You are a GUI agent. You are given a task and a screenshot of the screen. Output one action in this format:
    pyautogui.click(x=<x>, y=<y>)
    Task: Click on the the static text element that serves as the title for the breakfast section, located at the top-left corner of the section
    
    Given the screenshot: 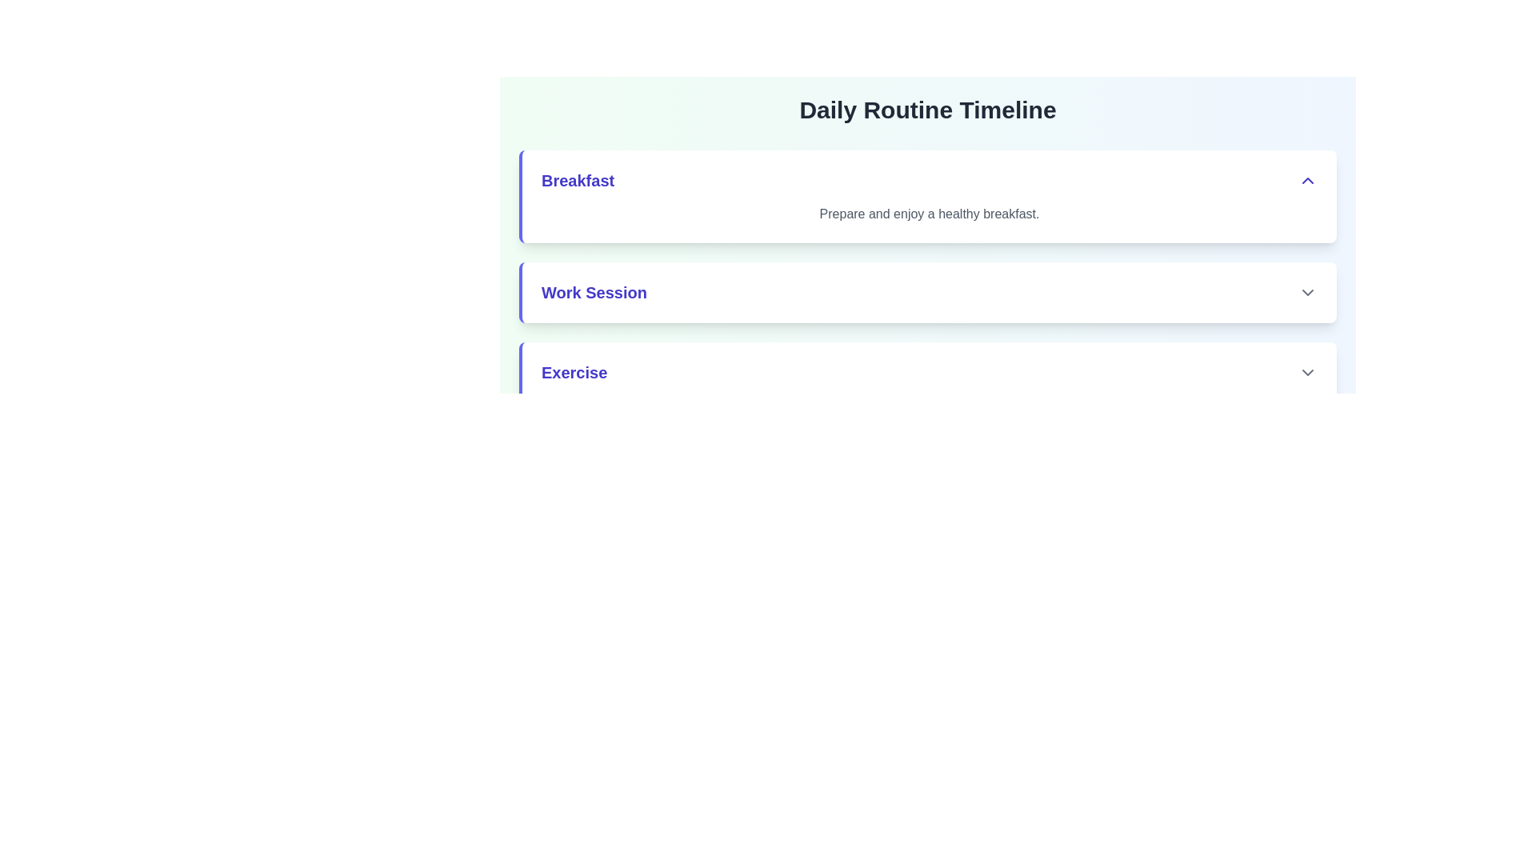 What is the action you would take?
    pyautogui.click(x=577, y=180)
    